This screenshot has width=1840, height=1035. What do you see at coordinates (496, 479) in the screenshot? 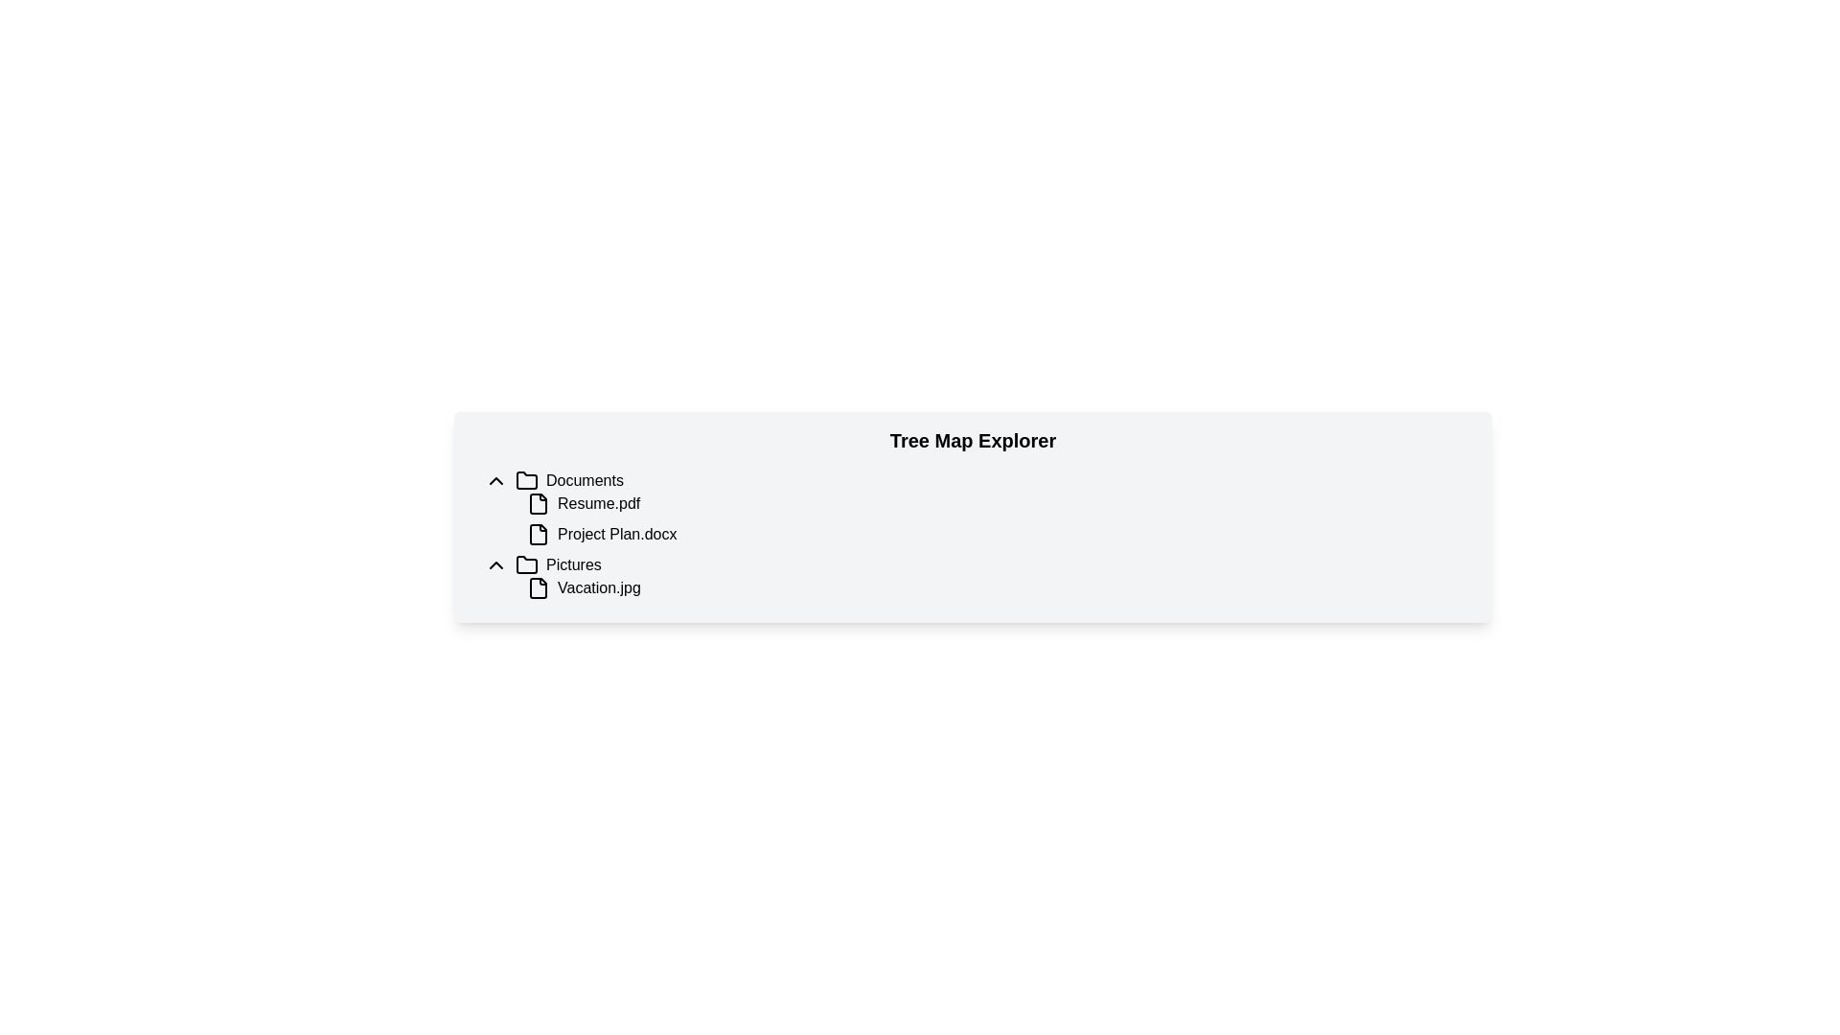
I see `the Icon button located at the top-left of the 'Documents' section` at bounding box center [496, 479].